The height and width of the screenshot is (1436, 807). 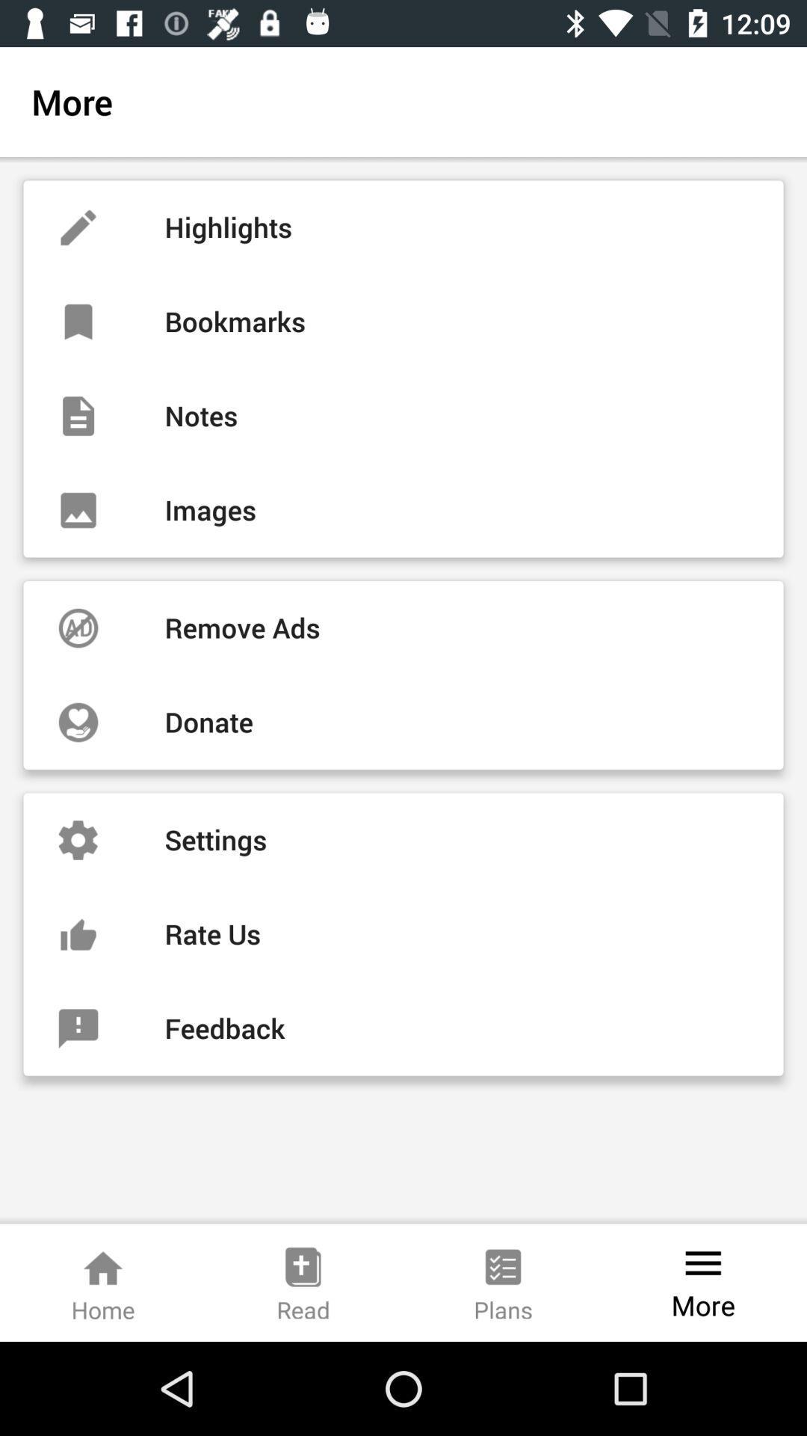 I want to click on remove ads, so click(x=403, y=628).